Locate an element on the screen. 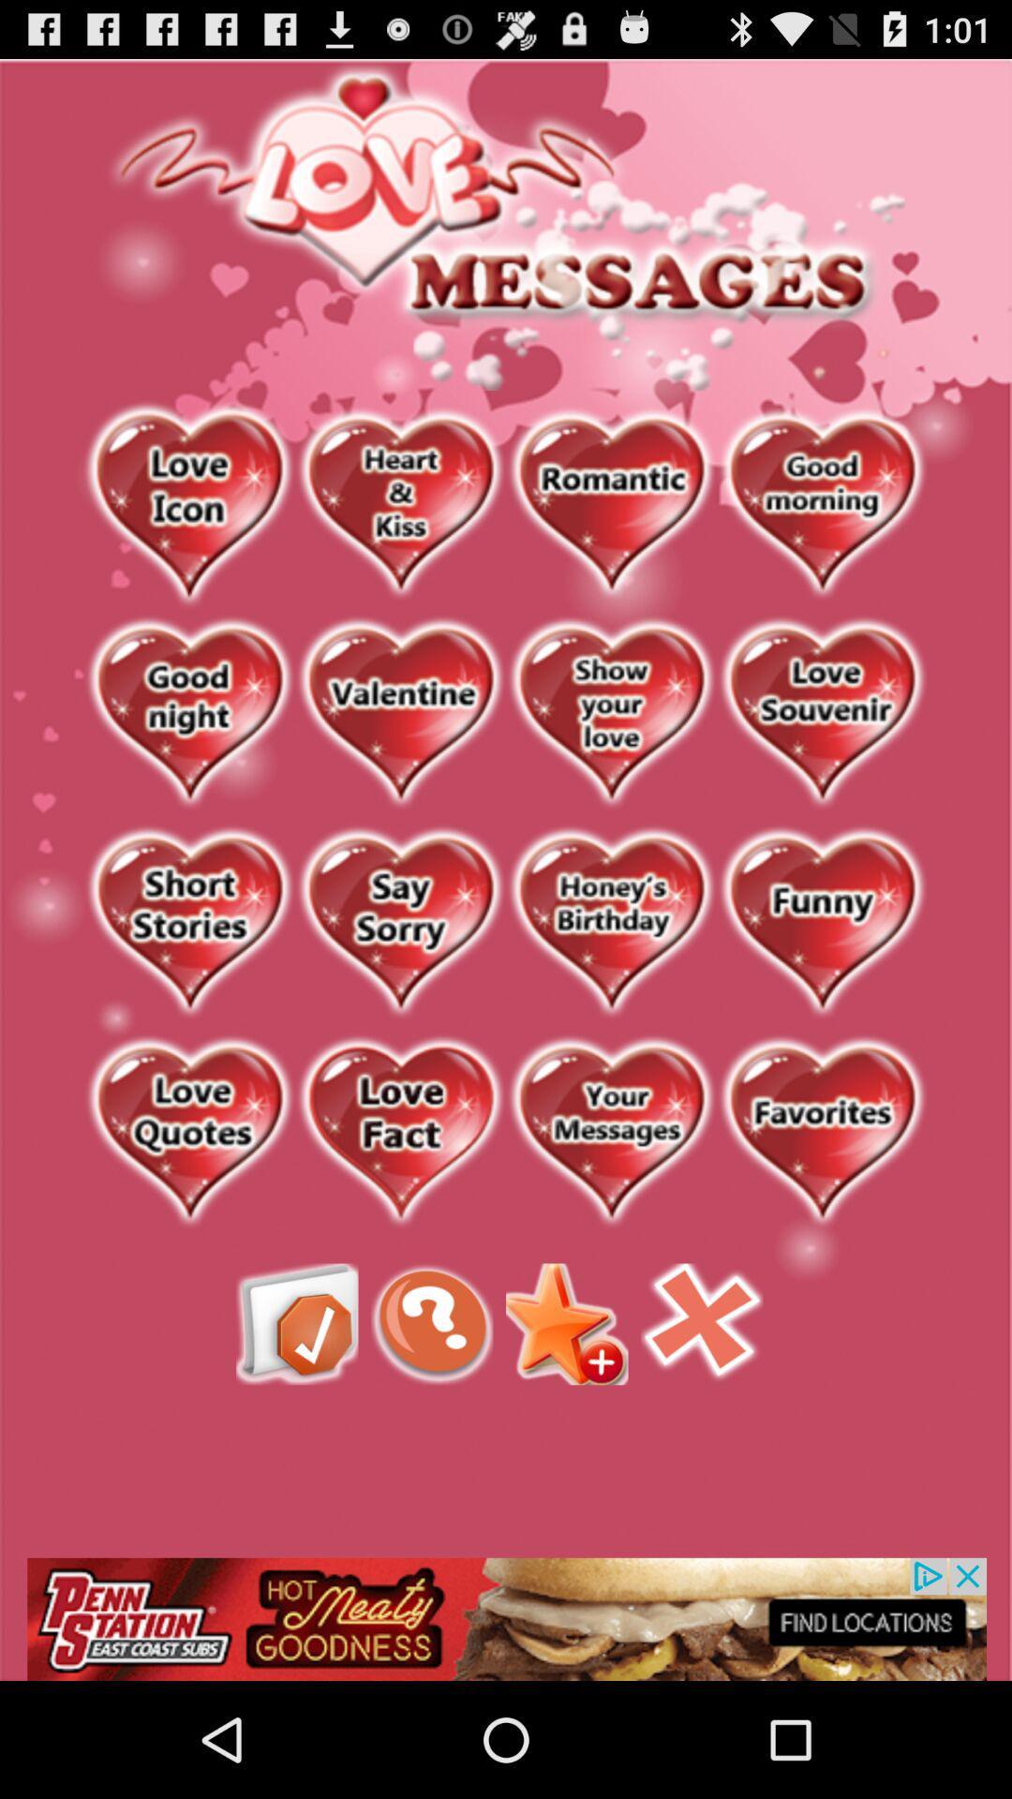 The height and width of the screenshot is (1799, 1012). love fact is located at coordinates (399, 1132).